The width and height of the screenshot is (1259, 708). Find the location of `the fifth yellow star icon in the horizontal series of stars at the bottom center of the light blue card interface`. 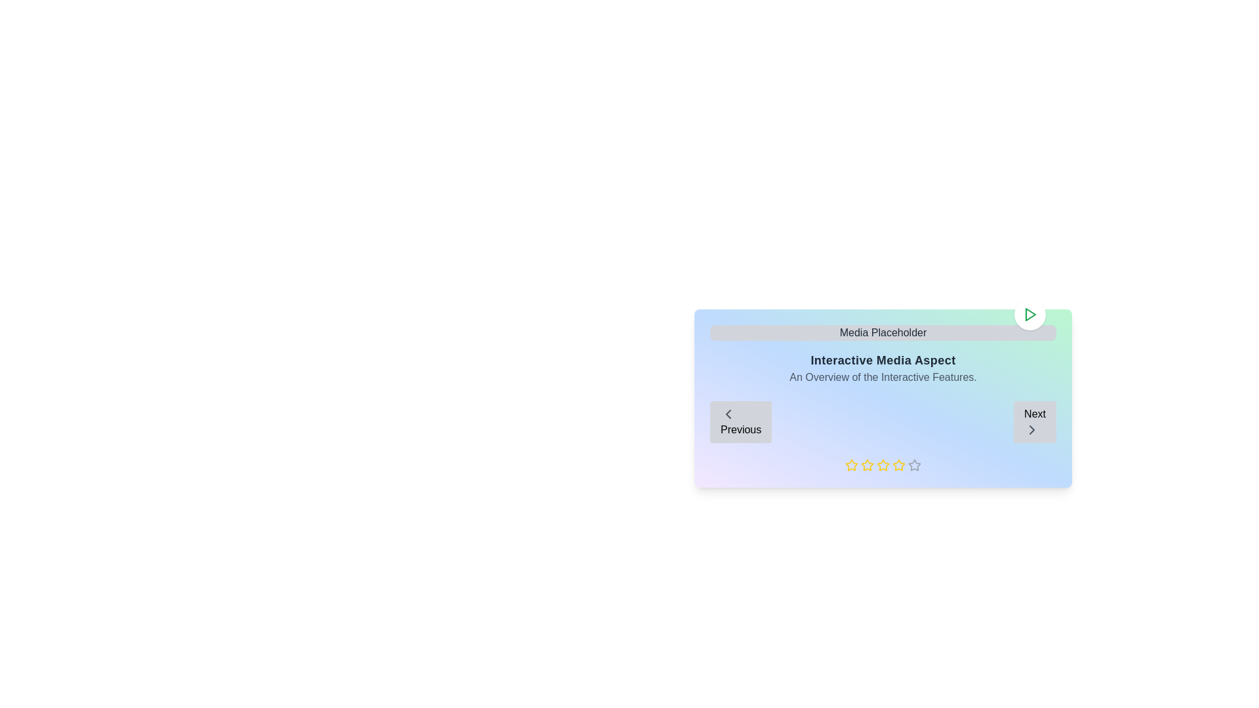

the fifth yellow star icon in the horizontal series of stars at the bottom center of the light blue card interface is located at coordinates (883, 464).